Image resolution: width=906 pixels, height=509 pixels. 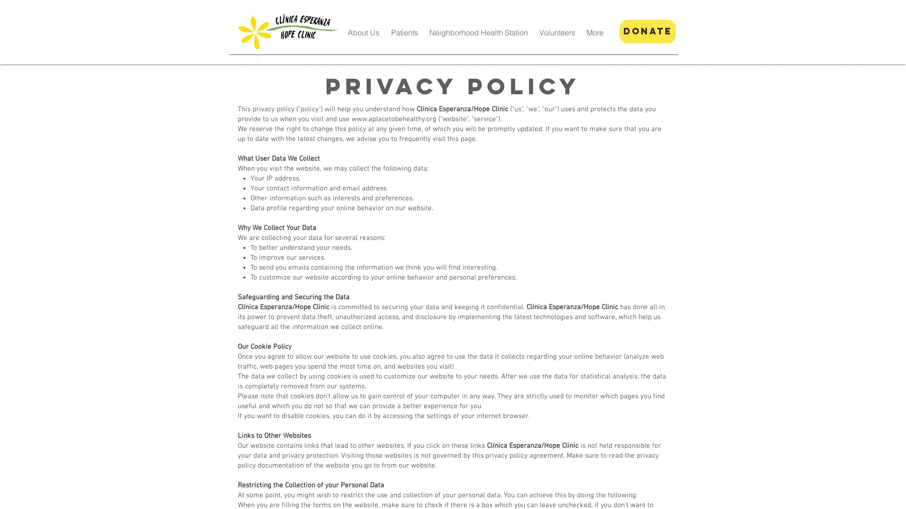 I want to click on Settings, so click(x=816, y=493).